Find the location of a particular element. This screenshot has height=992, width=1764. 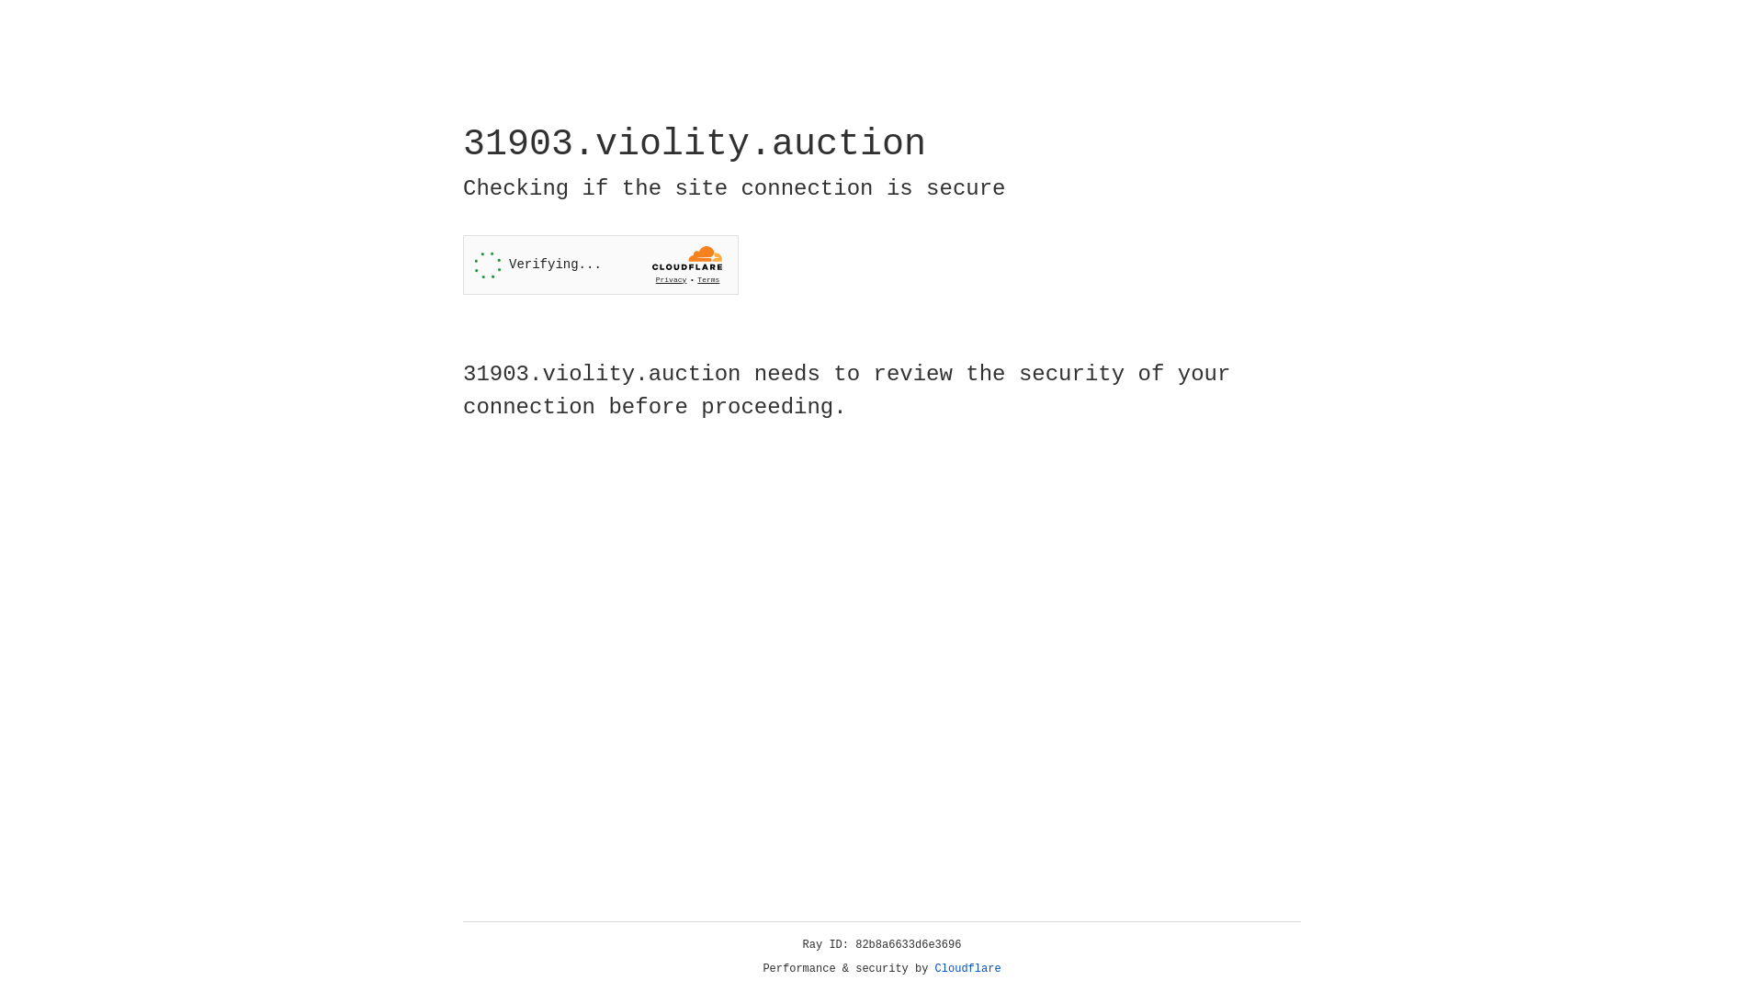

'Cloudflare' is located at coordinates (967, 968).